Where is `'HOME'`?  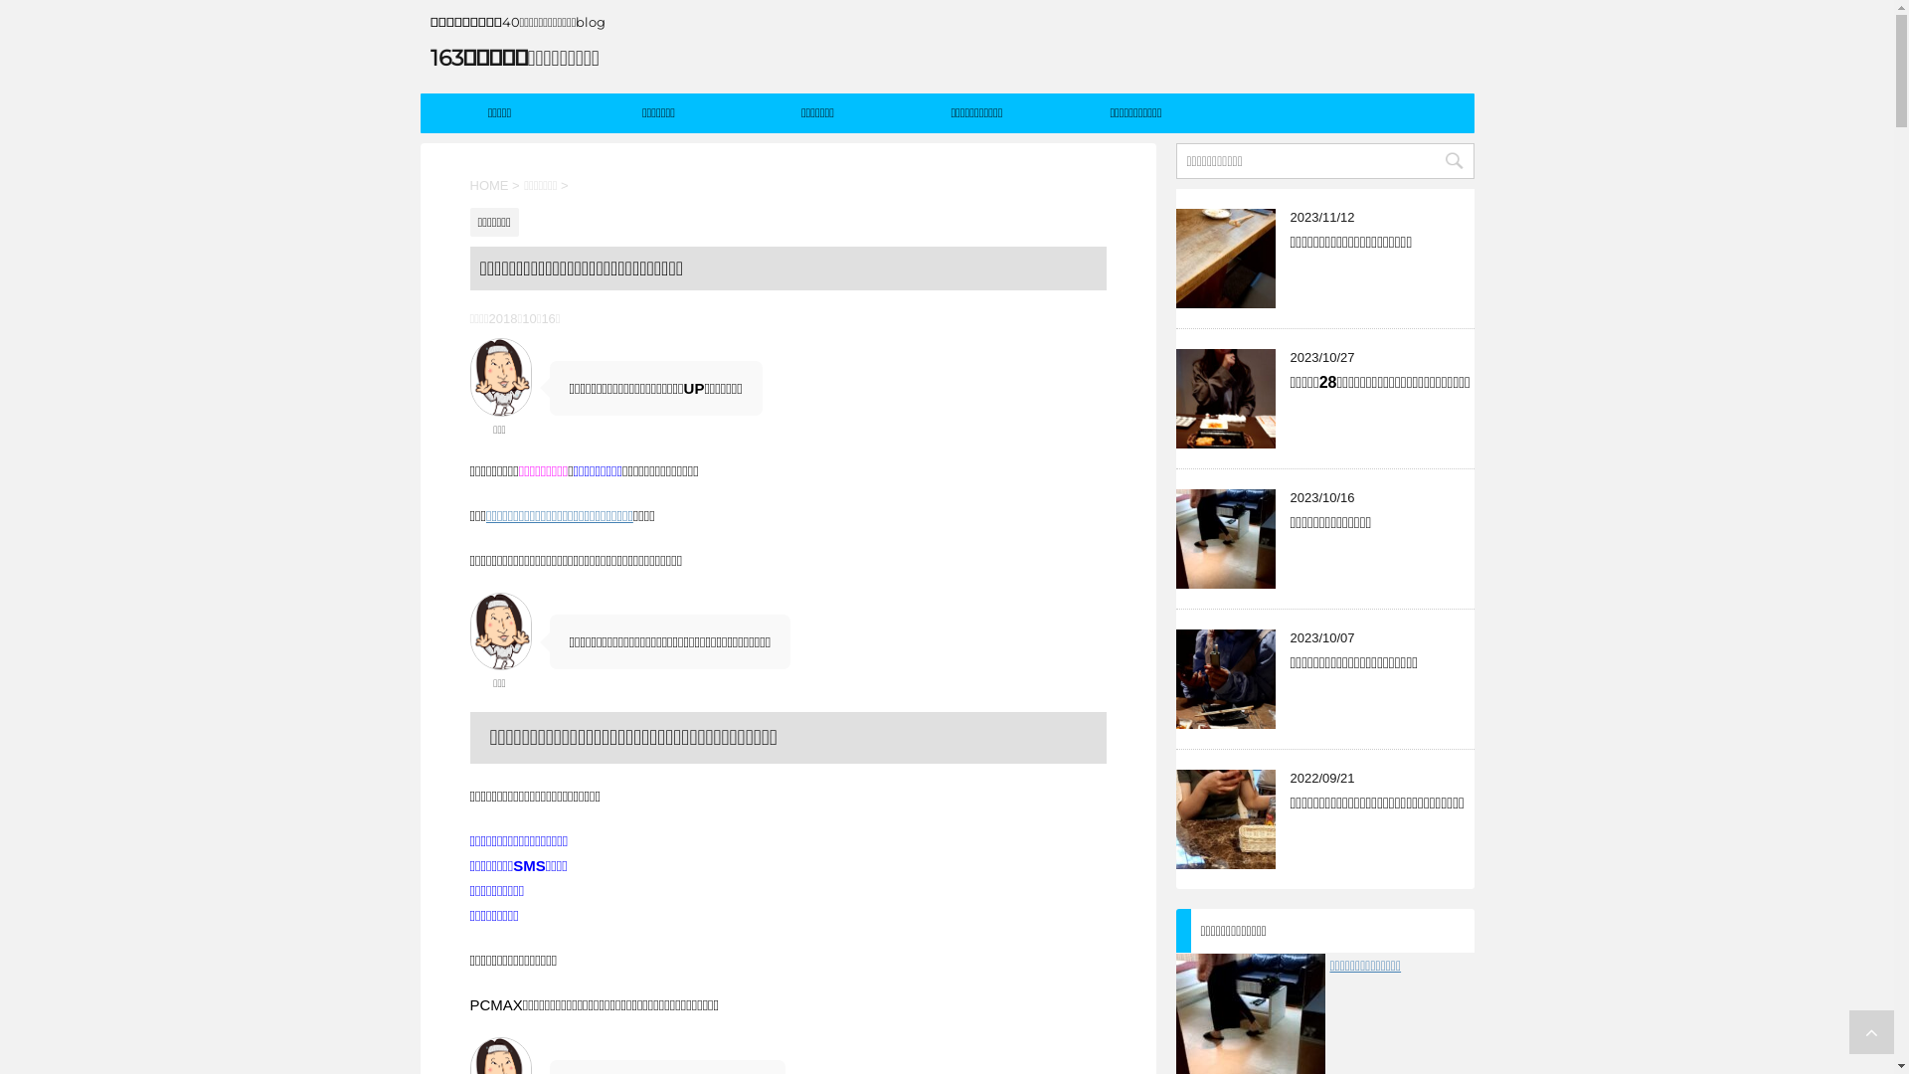 'HOME' is located at coordinates (488, 185).